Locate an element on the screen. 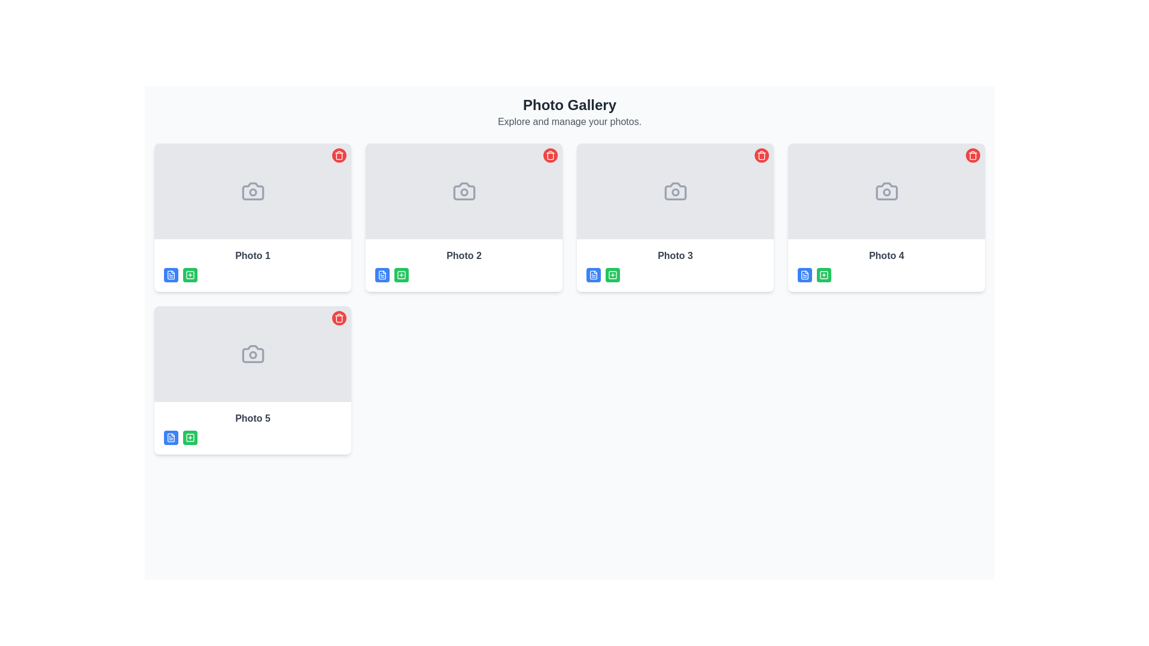 The image size is (1149, 646). the static text label identifying the photo depicted in the associated card above it, which is located below the third card from the left in the photo gallery interface is located at coordinates (675, 255).